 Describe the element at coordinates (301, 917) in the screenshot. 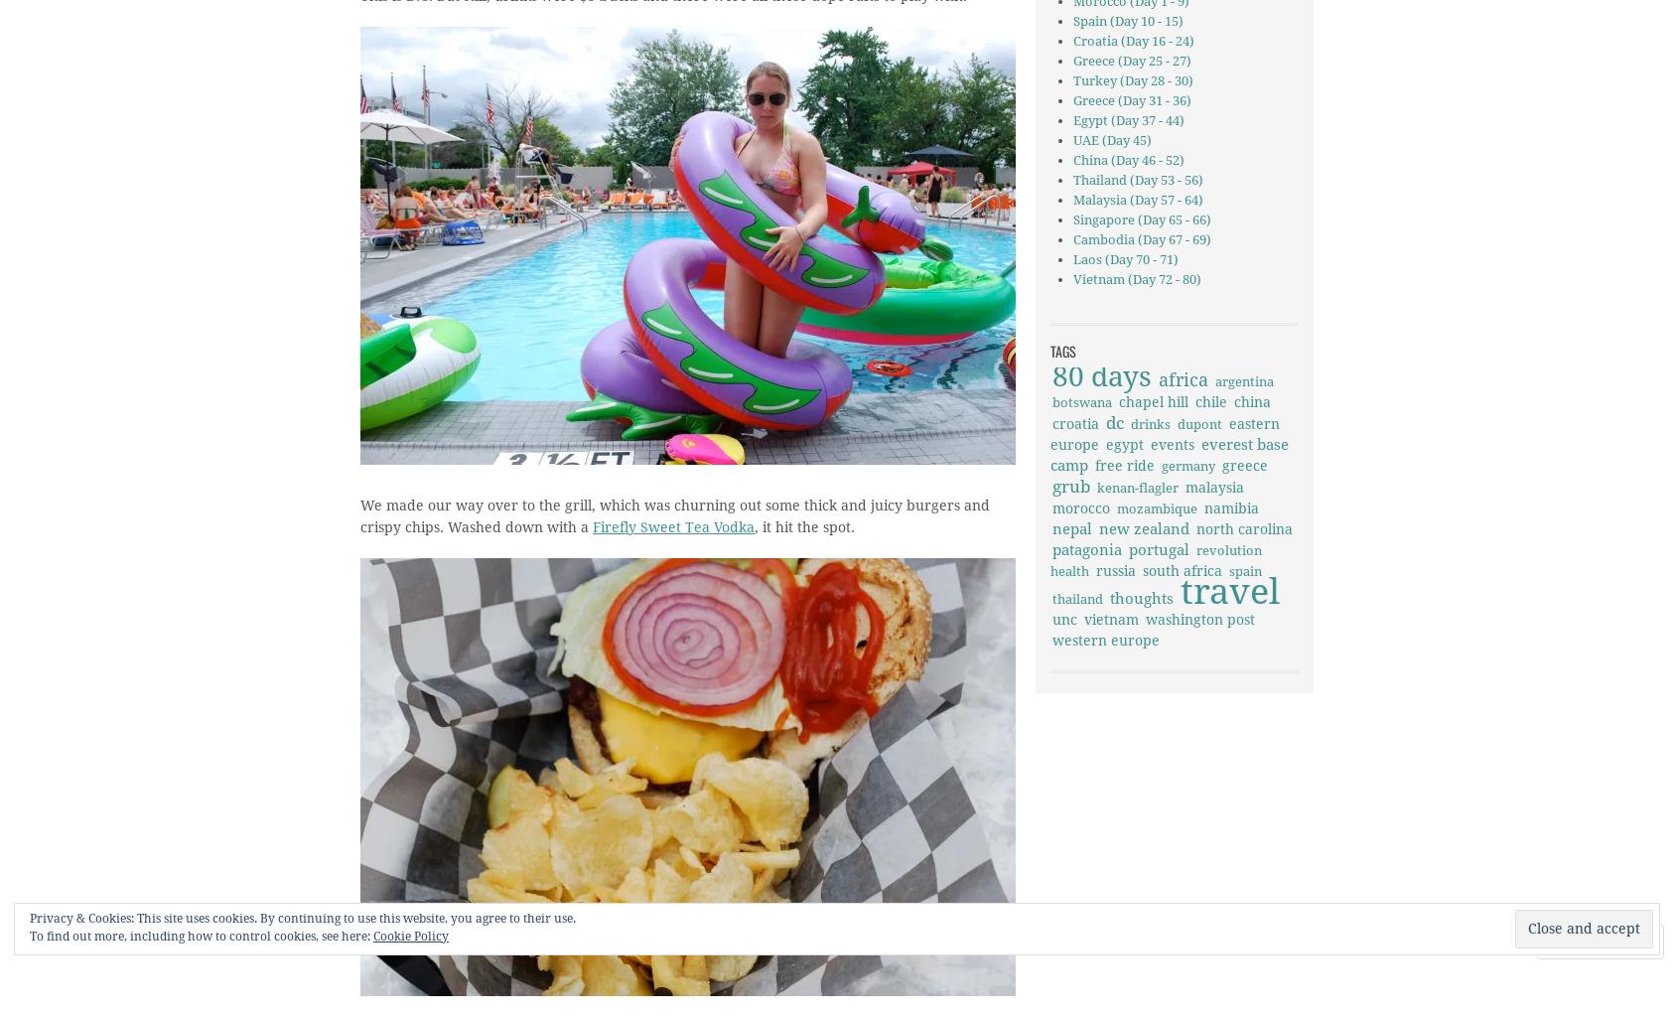

I see `'Privacy & Cookies: This site uses cookies. By continuing to use this website, you agree to their use.'` at that location.